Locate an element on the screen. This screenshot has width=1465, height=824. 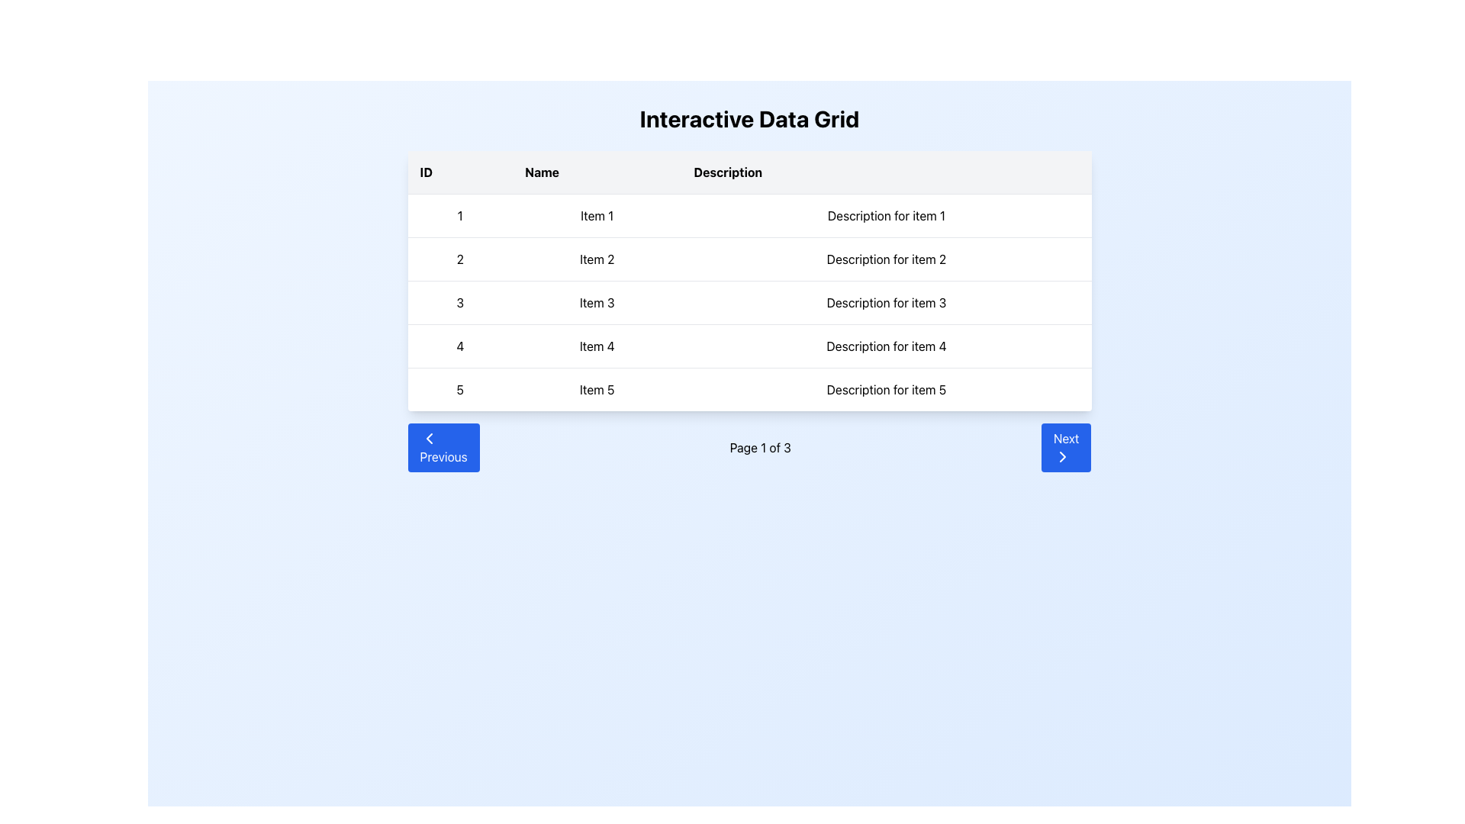
the text block displaying 'Description for item 2' located in the second row, third column of the table is located at coordinates (886, 258).